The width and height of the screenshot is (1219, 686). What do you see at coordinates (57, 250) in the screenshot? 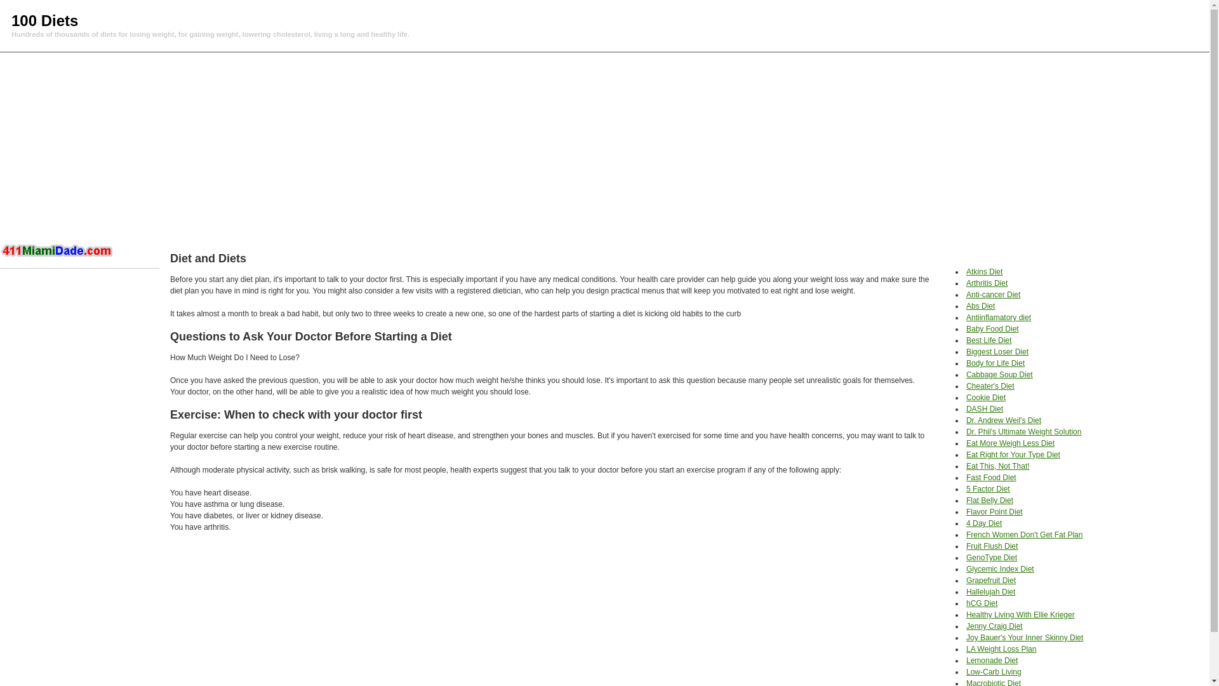
I see `'Hotel in Miami'` at bounding box center [57, 250].